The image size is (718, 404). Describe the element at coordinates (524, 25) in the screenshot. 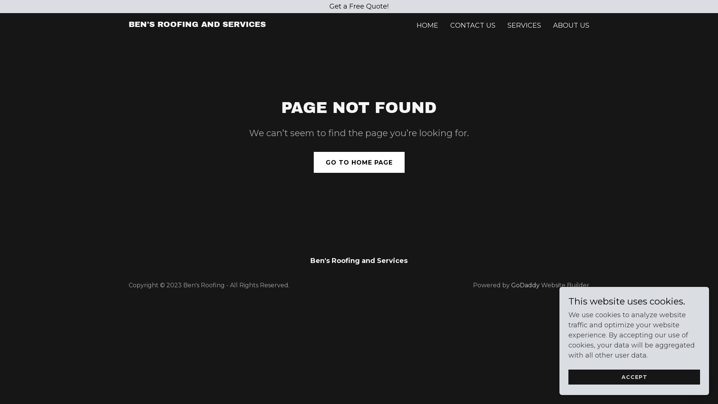

I see `'SERVICES'` at that location.